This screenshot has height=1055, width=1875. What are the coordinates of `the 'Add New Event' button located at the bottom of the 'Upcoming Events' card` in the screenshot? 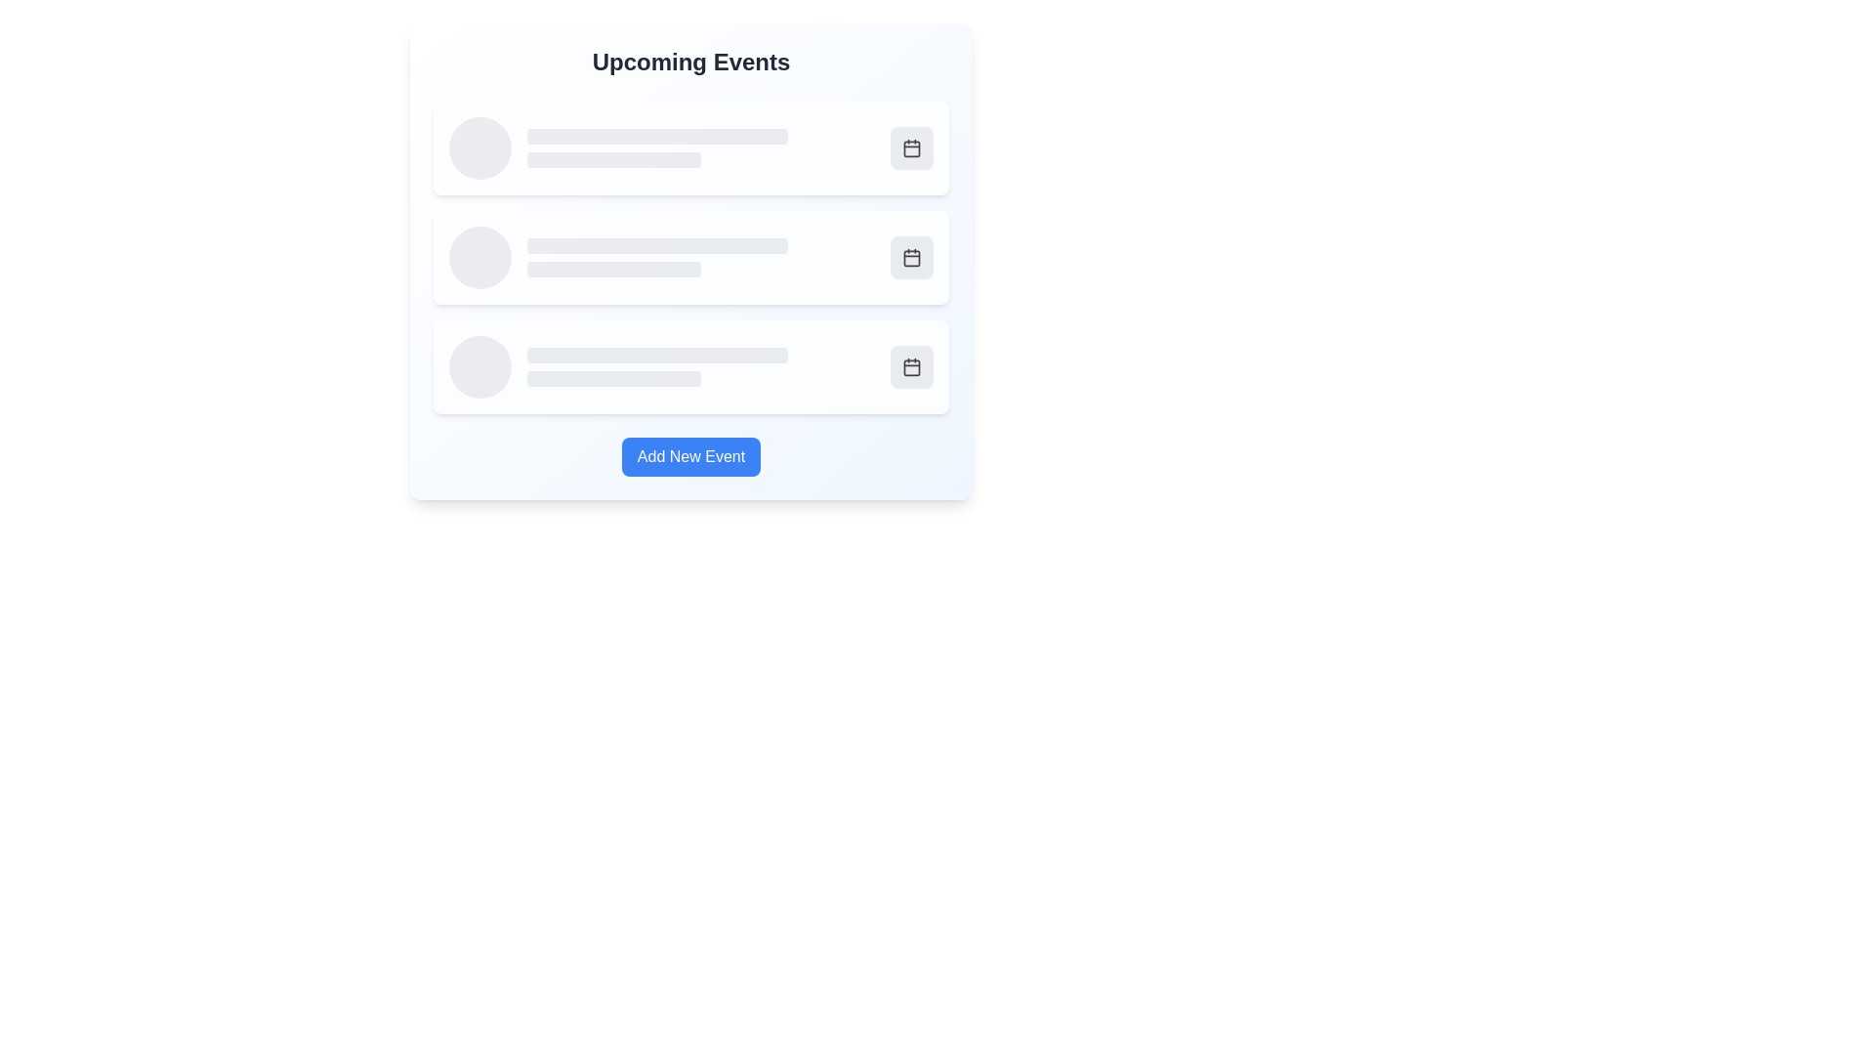 It's located at (691, 456).